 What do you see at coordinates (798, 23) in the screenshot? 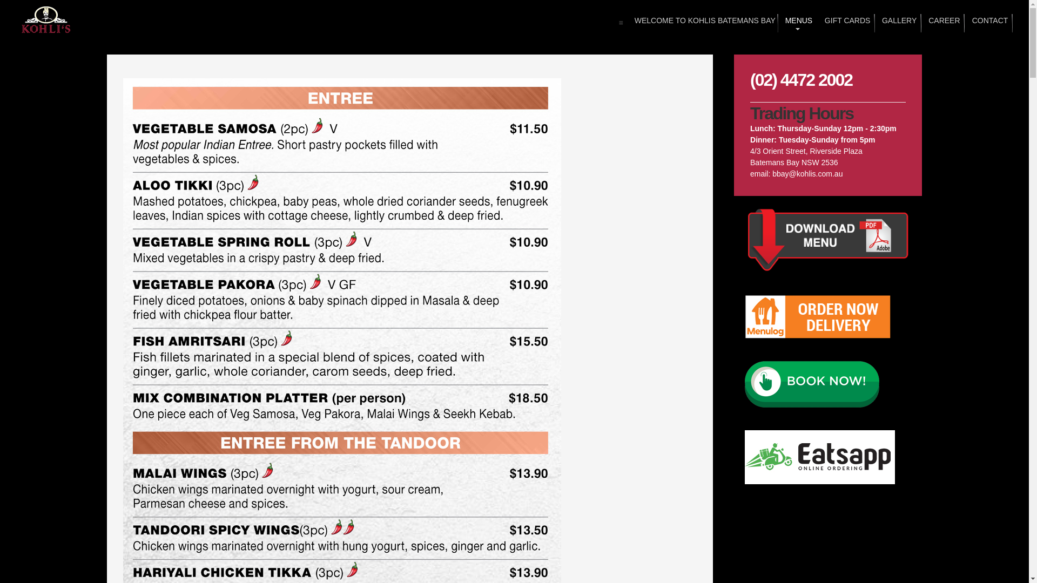
I see `'MENUS'` at bounding box center [798, 23].